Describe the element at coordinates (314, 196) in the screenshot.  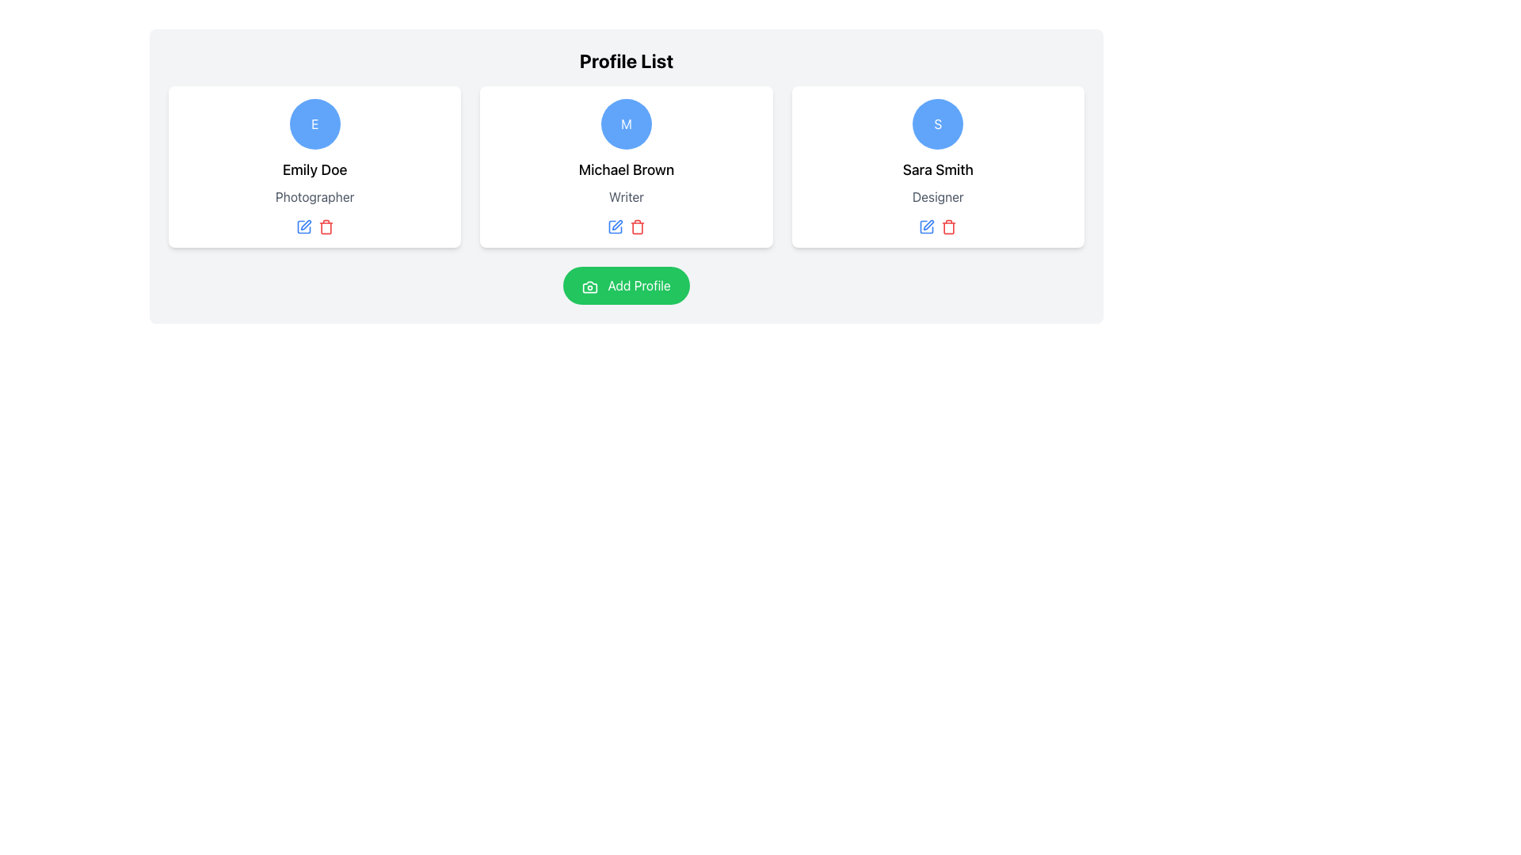
I see `the static text label displaying 'Photographer' located under 'Emily Doe' in the first profile card of the 'Profile List' section` at that location.